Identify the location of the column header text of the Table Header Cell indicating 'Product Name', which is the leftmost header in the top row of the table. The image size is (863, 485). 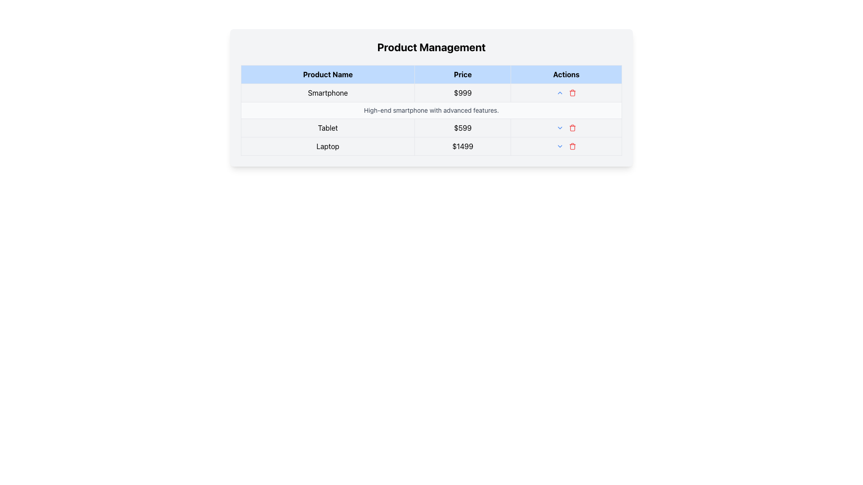
(327, 74).